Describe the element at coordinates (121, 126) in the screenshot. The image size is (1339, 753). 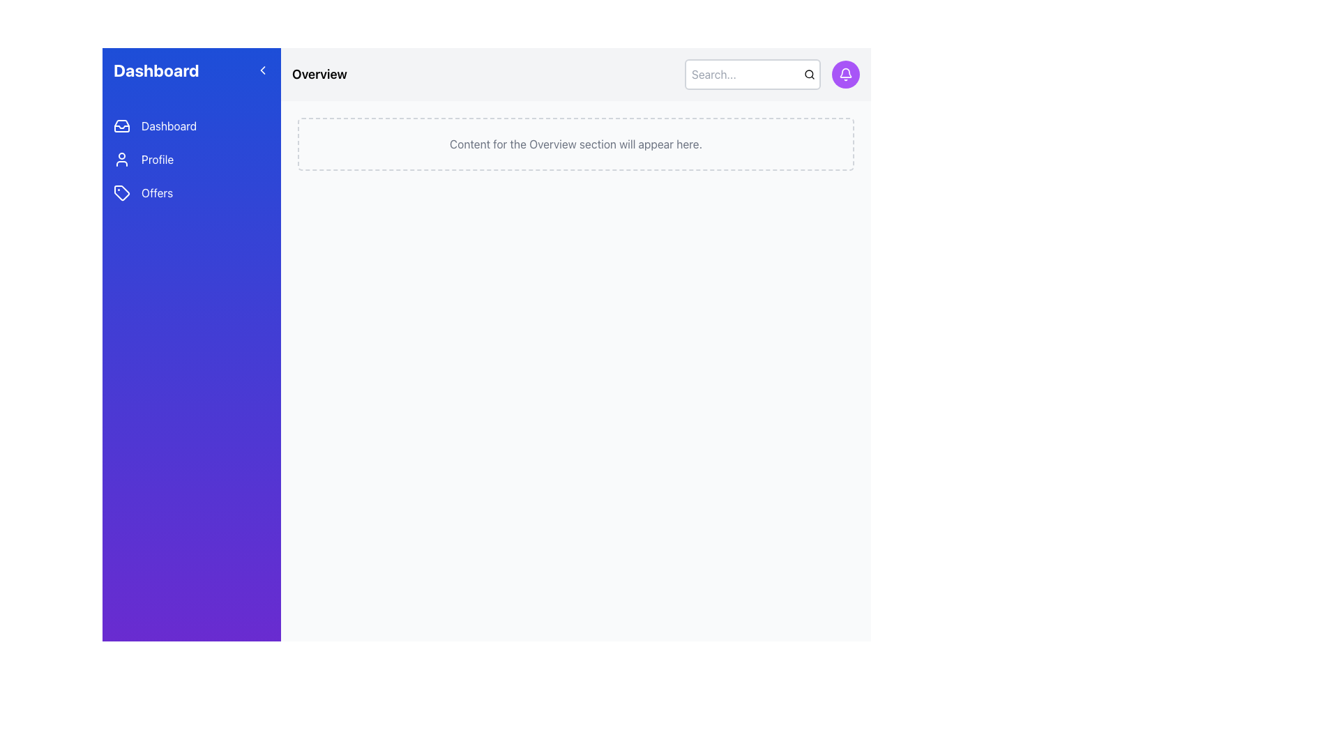
I see `the decorative icon associated with the 'Dashboard' menu option in the left navigation bar of the application interface` at that location.